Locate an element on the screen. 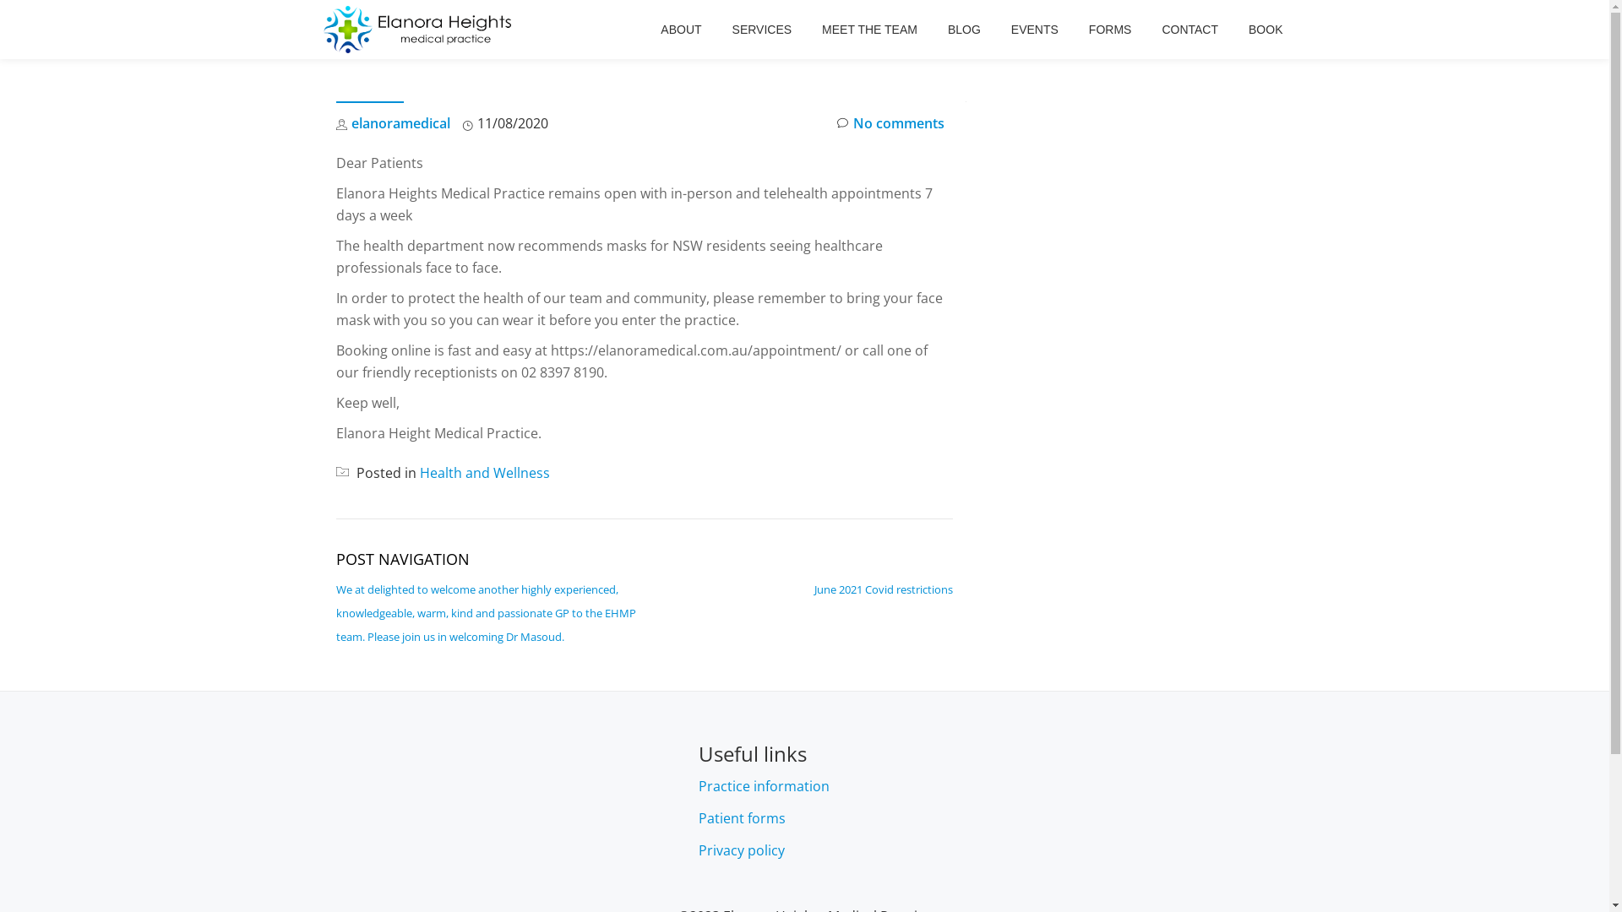 Image resolution: width=1622 pixels, height=912 pixels. 'BLOG' is located at coordinates (948, 29).